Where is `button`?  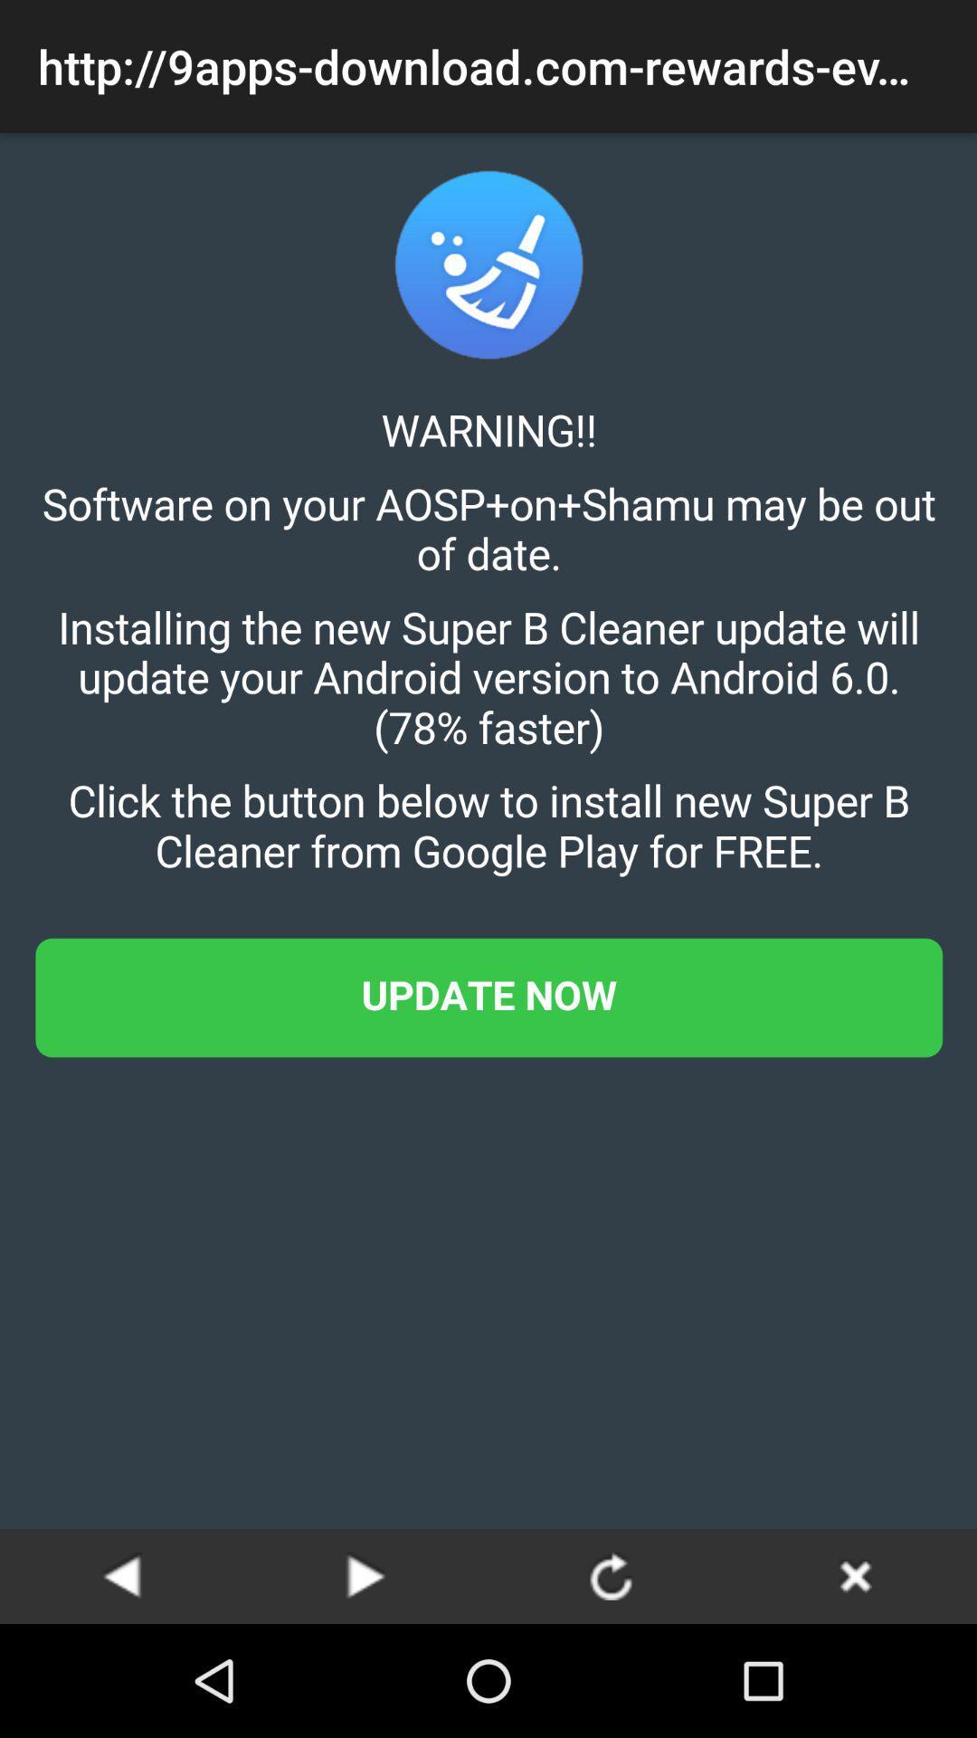
button is located at coordinates (855, 1575).